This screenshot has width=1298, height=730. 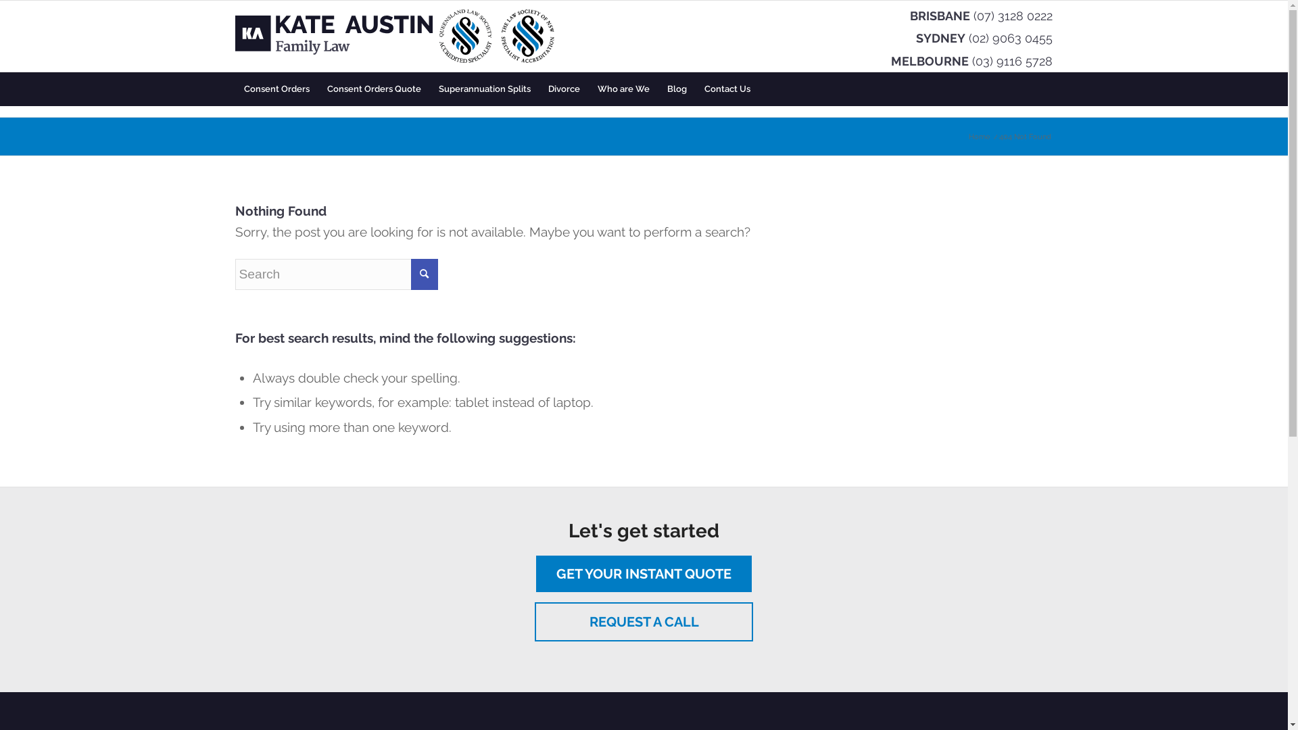 What do you see at coordinates (564, 89) in the screenshot?
I see `'Divorce'` at bounding box center [564, 89].